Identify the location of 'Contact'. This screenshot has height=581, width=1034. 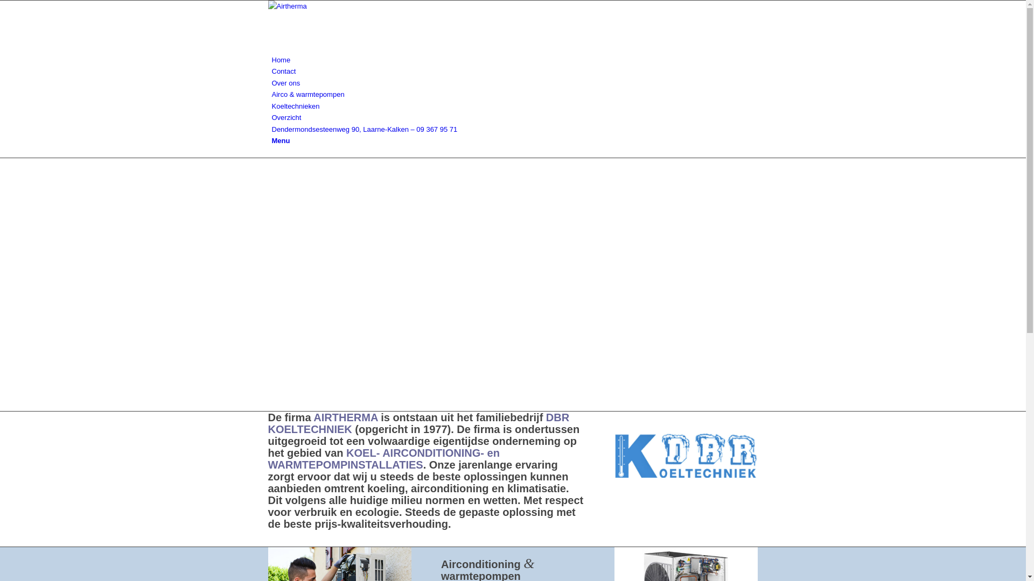
(271, 71).